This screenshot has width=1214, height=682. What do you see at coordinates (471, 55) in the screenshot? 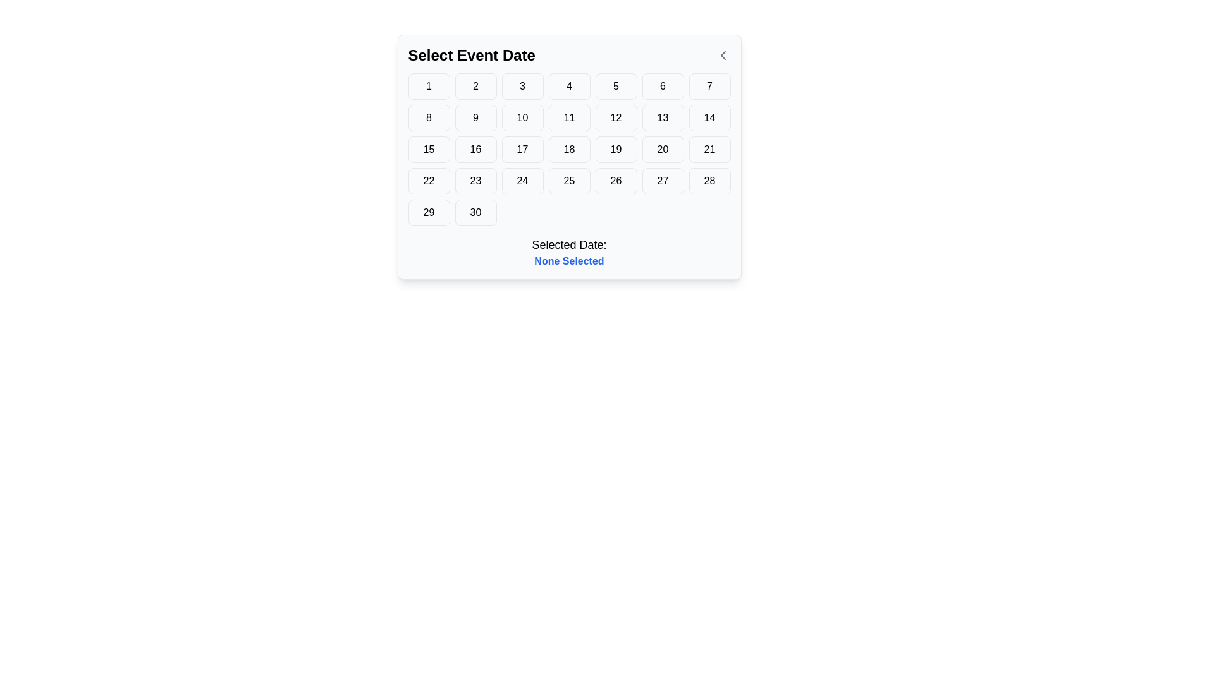
I see `the 'Select Event Date' text label, which is prominently displayed in bold and large font at the top of the calendar interface` at bounding box center [471, 55].